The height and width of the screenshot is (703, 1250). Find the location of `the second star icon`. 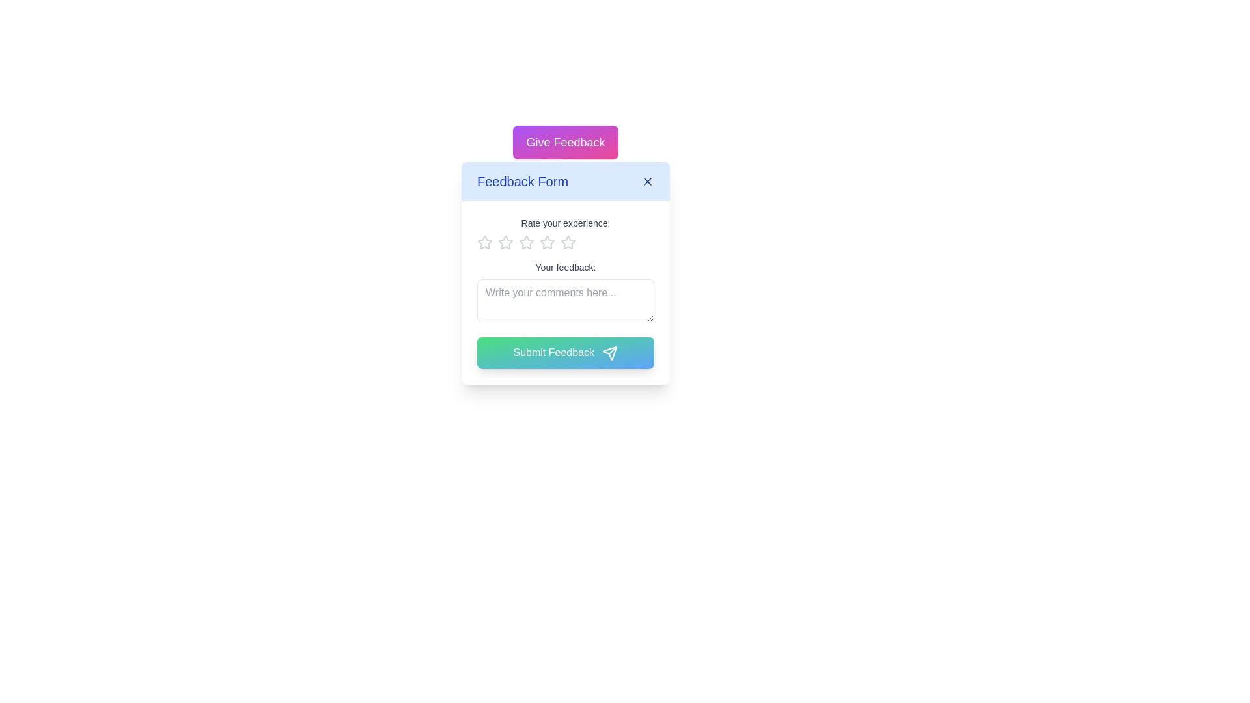

the second star icon is located at coordinates (527, 242).